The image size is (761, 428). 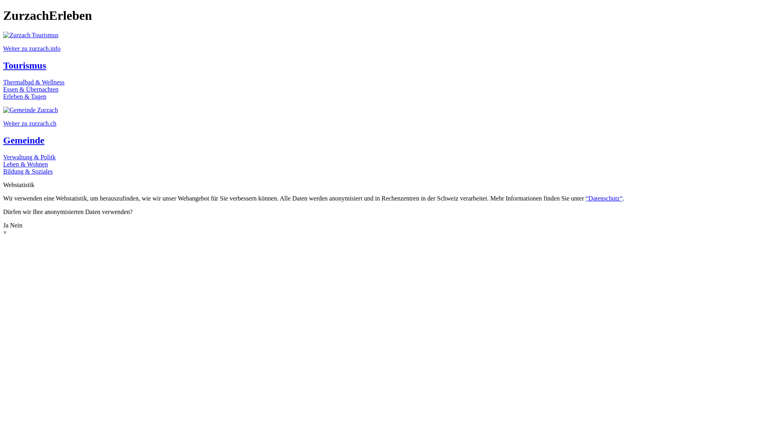 I want to click on 'Nein', so click(x=16, y=225).